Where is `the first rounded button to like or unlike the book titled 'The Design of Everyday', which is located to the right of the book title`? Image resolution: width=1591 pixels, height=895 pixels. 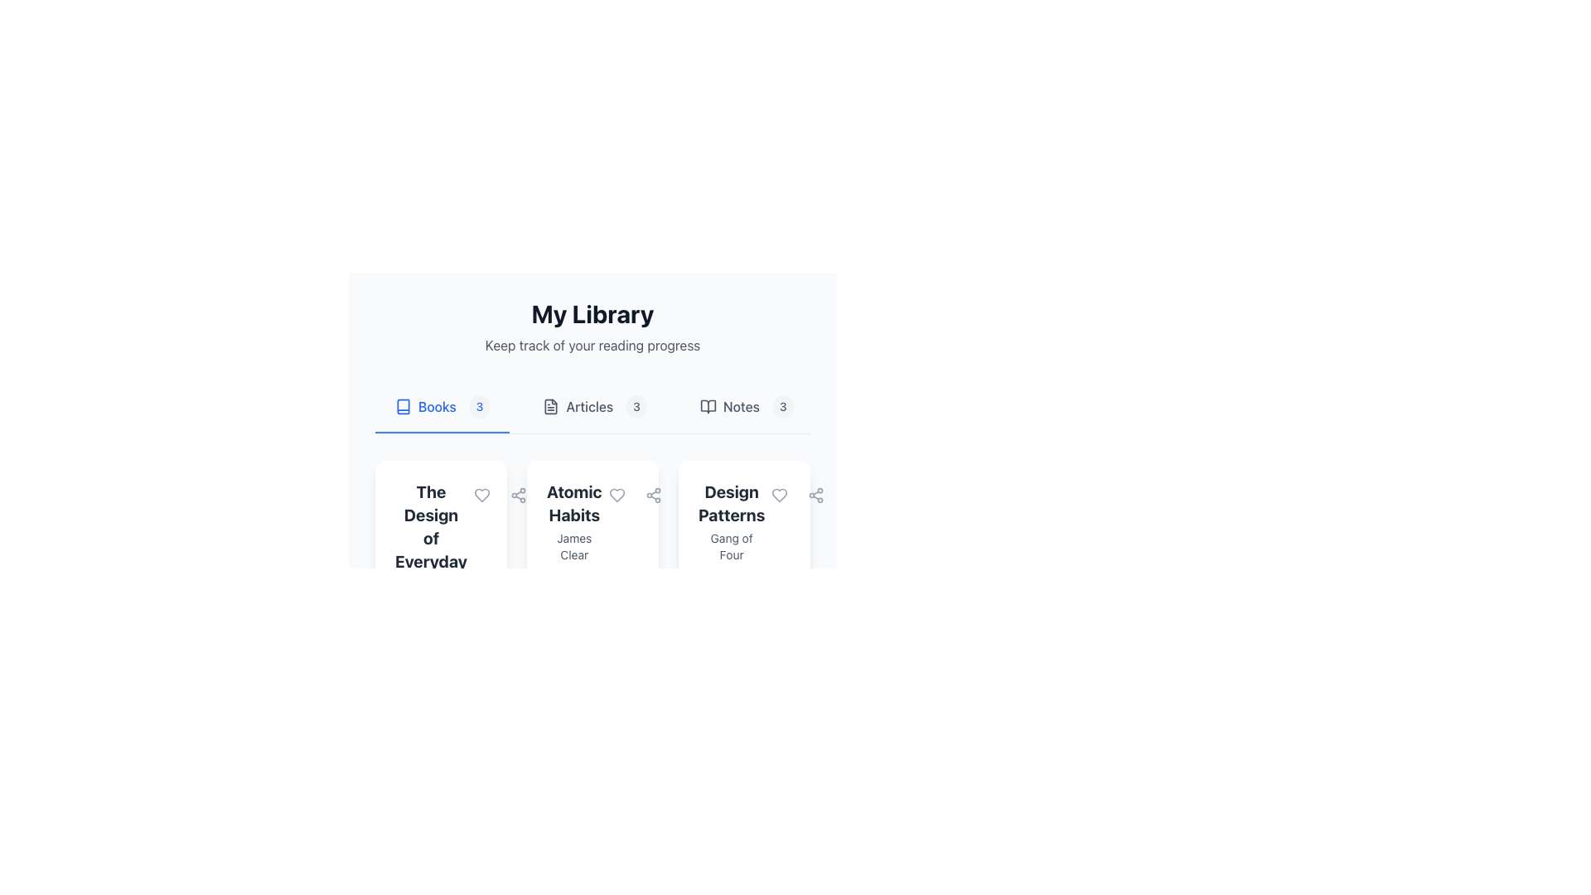
the first rounded button to like or unlike the book titled 'The Design of Everyday', which is located to the right of the book title is located at coordinates (481, 494).